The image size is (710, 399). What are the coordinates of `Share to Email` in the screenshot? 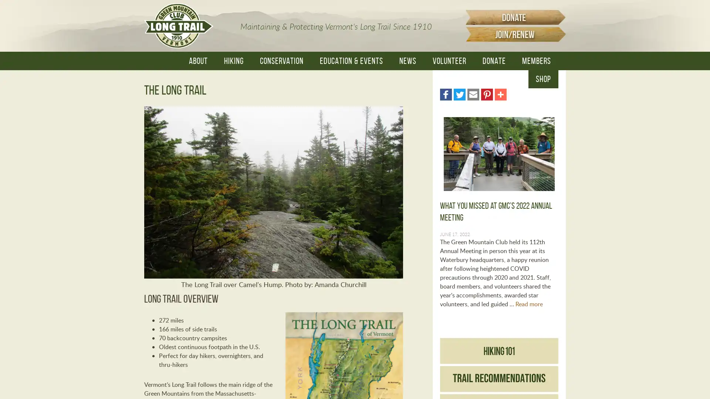 It's located at (473, 94).